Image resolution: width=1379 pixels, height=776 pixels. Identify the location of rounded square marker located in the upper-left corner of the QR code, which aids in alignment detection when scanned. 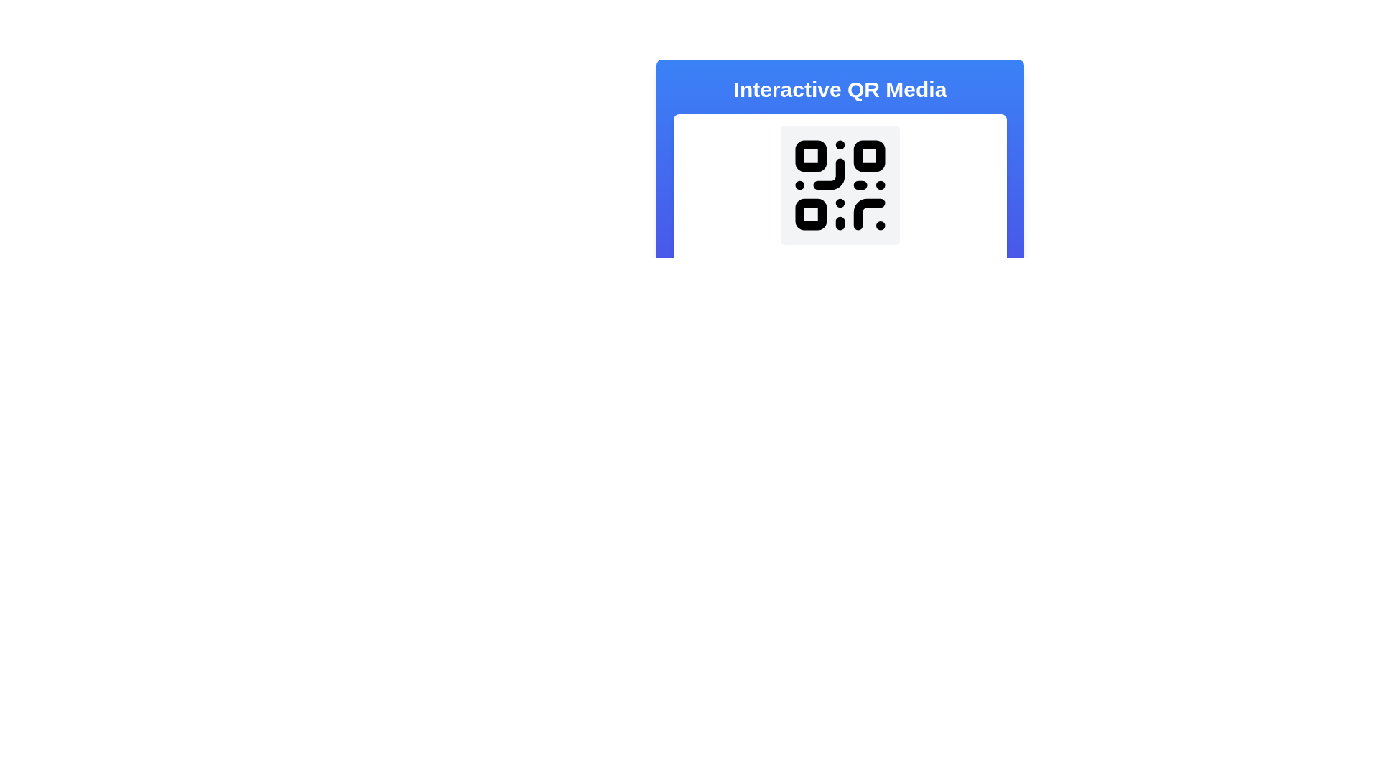
(811, 156).